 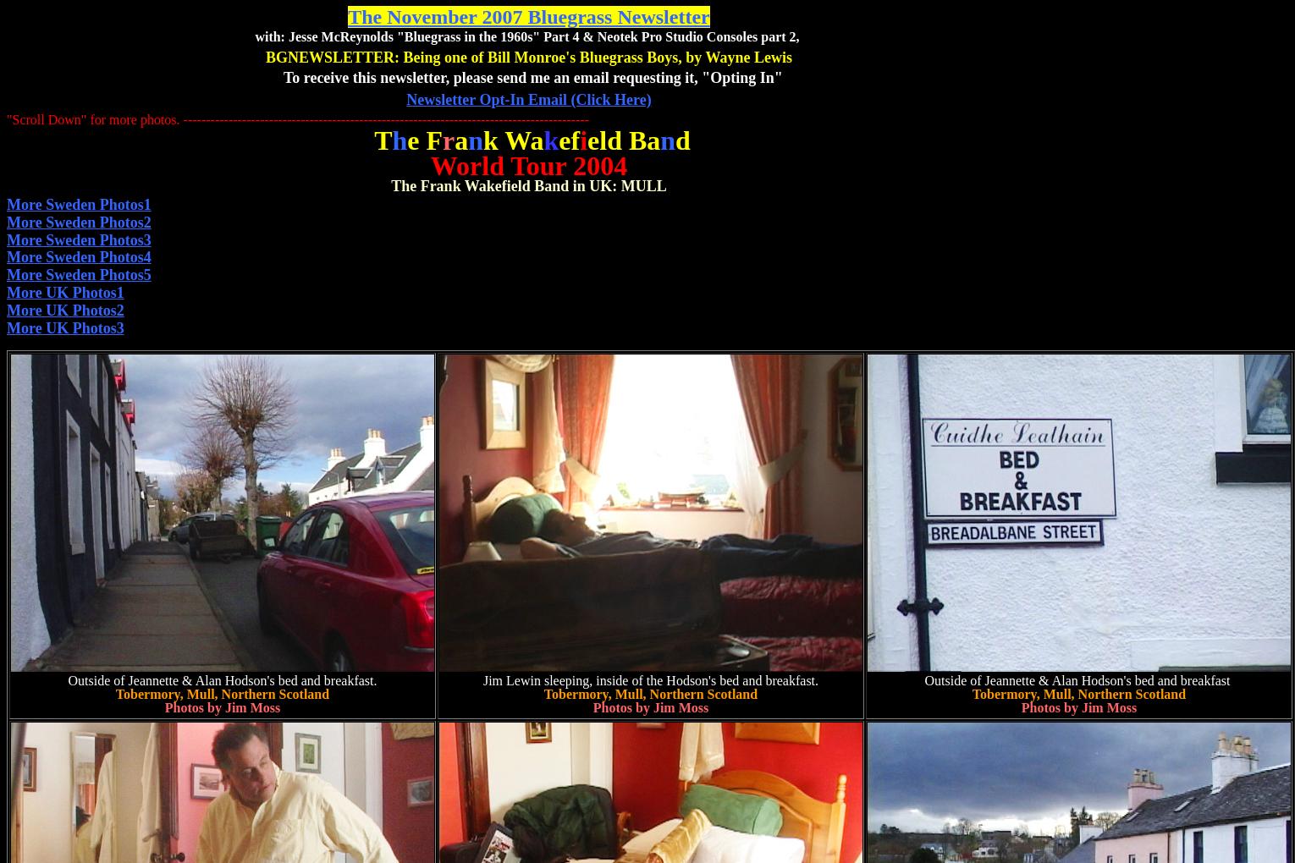 What do you see at coordinates (64, 290) in the screenshot?
I see `'More
UK Photos1'` at bounding box center [64, 290].